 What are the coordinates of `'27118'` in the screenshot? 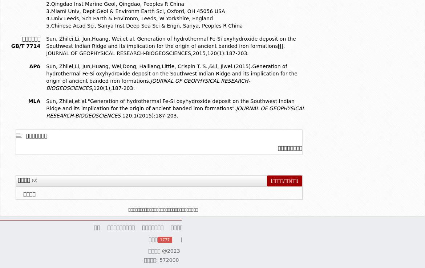 It's located at (261, 239).